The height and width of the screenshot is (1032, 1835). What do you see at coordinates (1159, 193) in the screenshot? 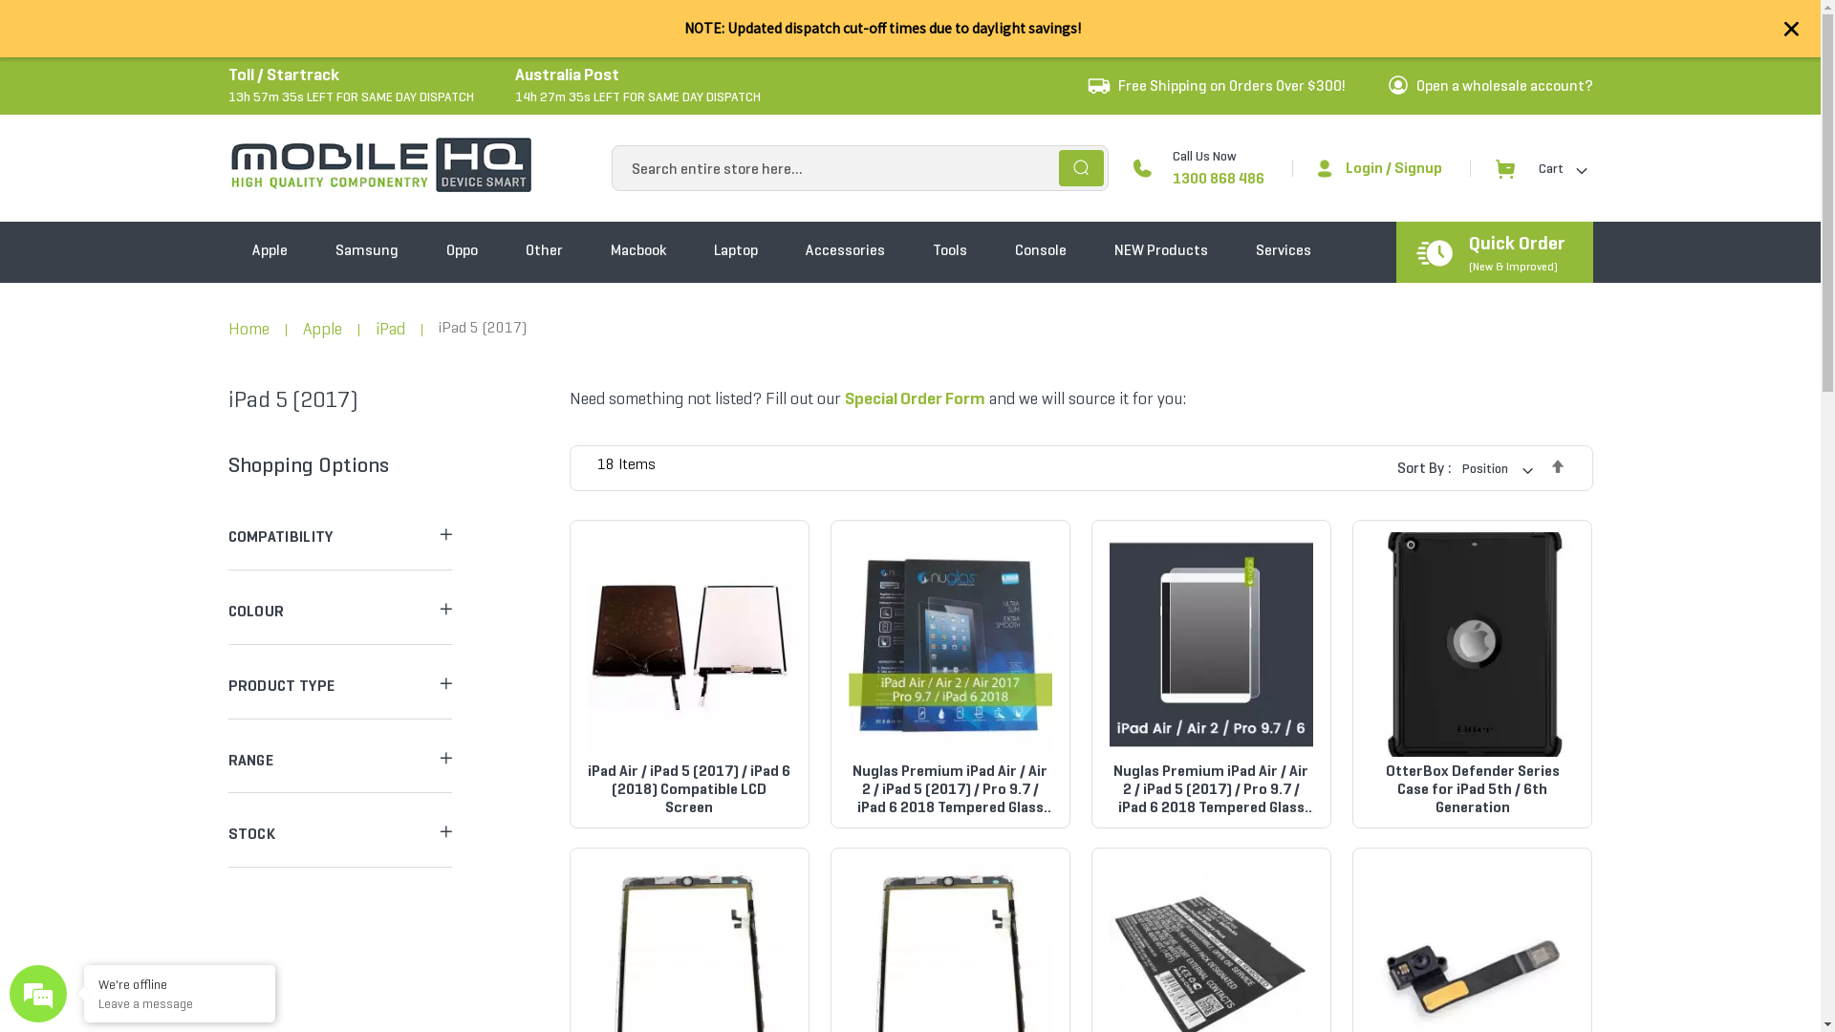
I see `'NEW Products'` at bounding box center [1159, 193].